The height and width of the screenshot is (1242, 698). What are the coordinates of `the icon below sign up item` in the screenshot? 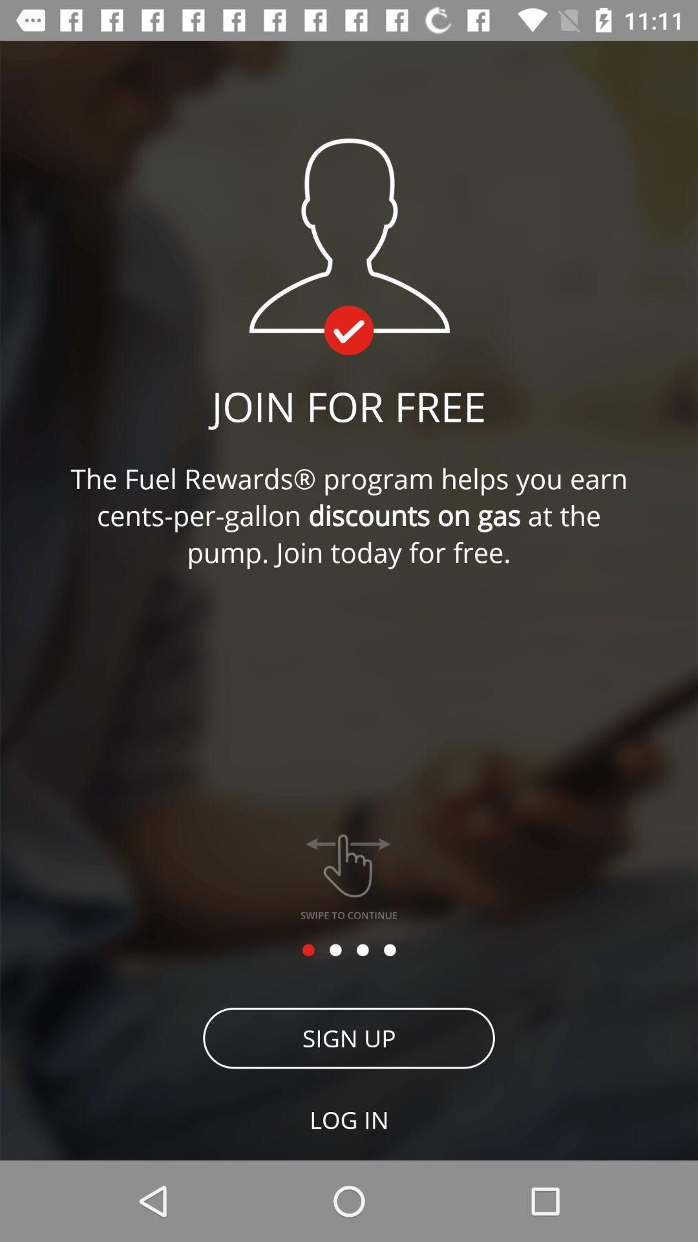 It's located at (349, 1119).